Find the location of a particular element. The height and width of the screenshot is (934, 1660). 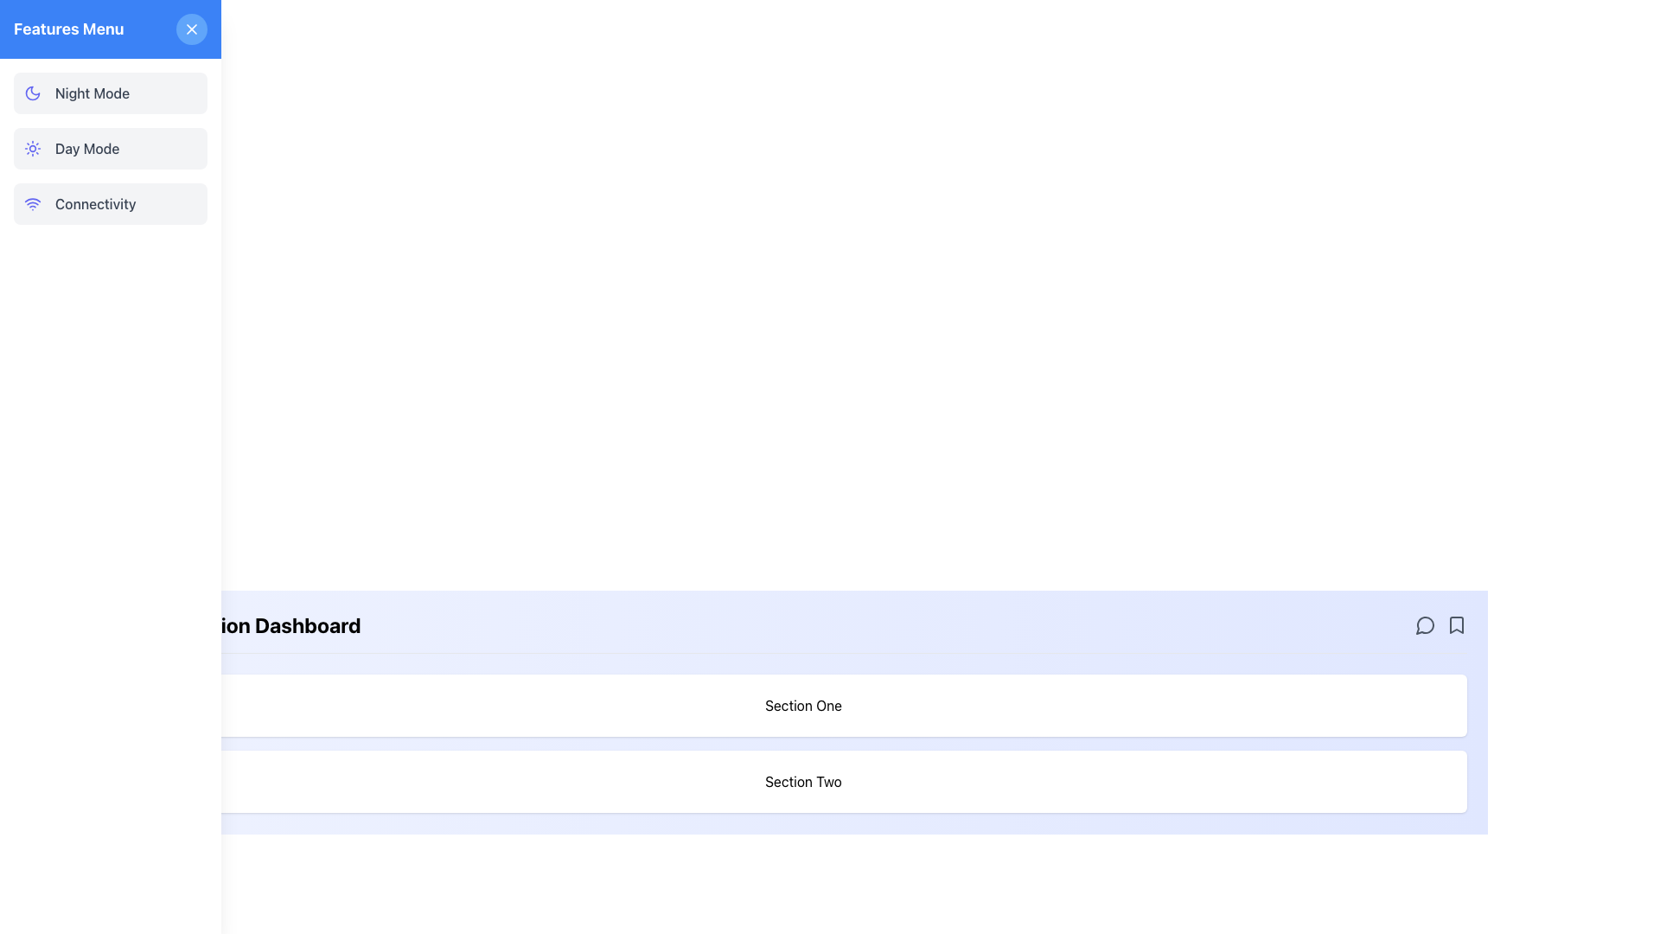

text of the label reading 'Day Mode' styled with gray color and medium font weight, located in the Features Menu side menu, following the 'Night Mode' option is located at coordinates (86, 148).